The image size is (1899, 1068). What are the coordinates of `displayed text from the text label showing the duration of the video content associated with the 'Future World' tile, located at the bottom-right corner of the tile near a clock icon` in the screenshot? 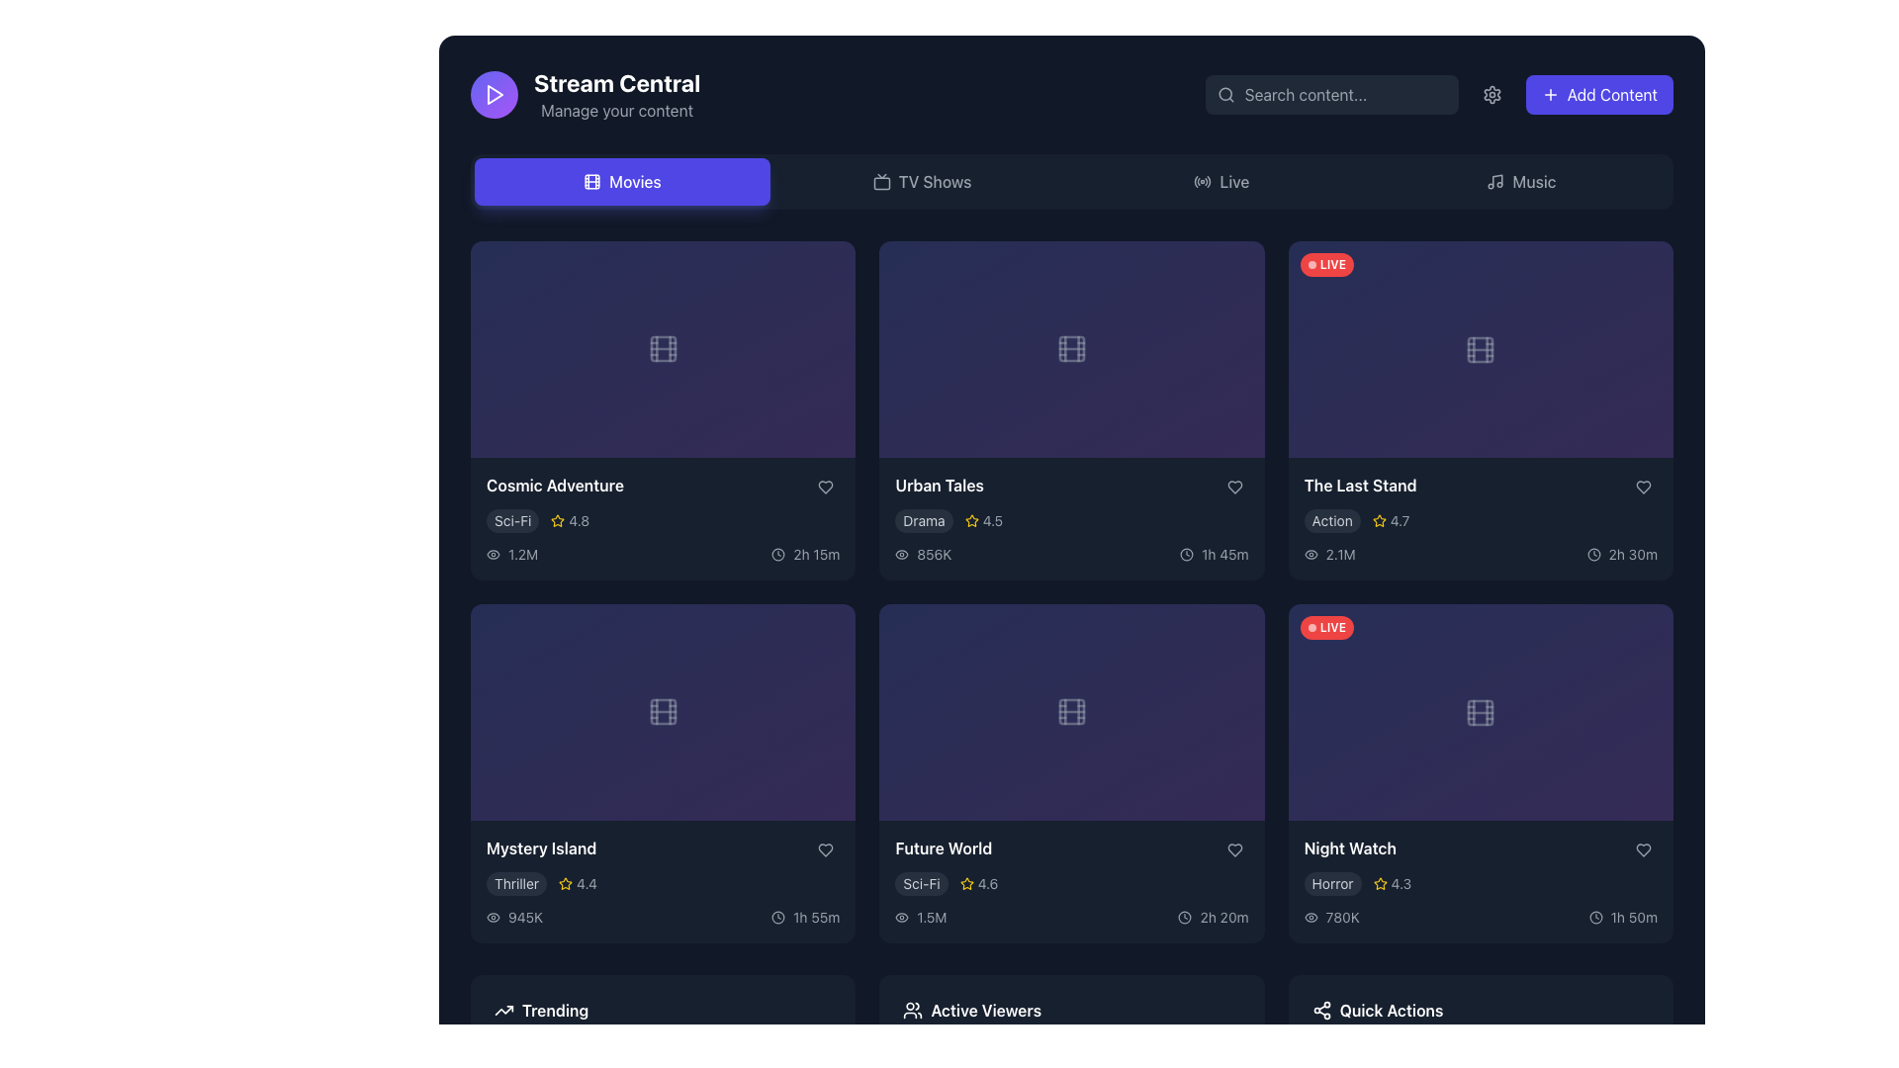 It's located at (1223, 917).